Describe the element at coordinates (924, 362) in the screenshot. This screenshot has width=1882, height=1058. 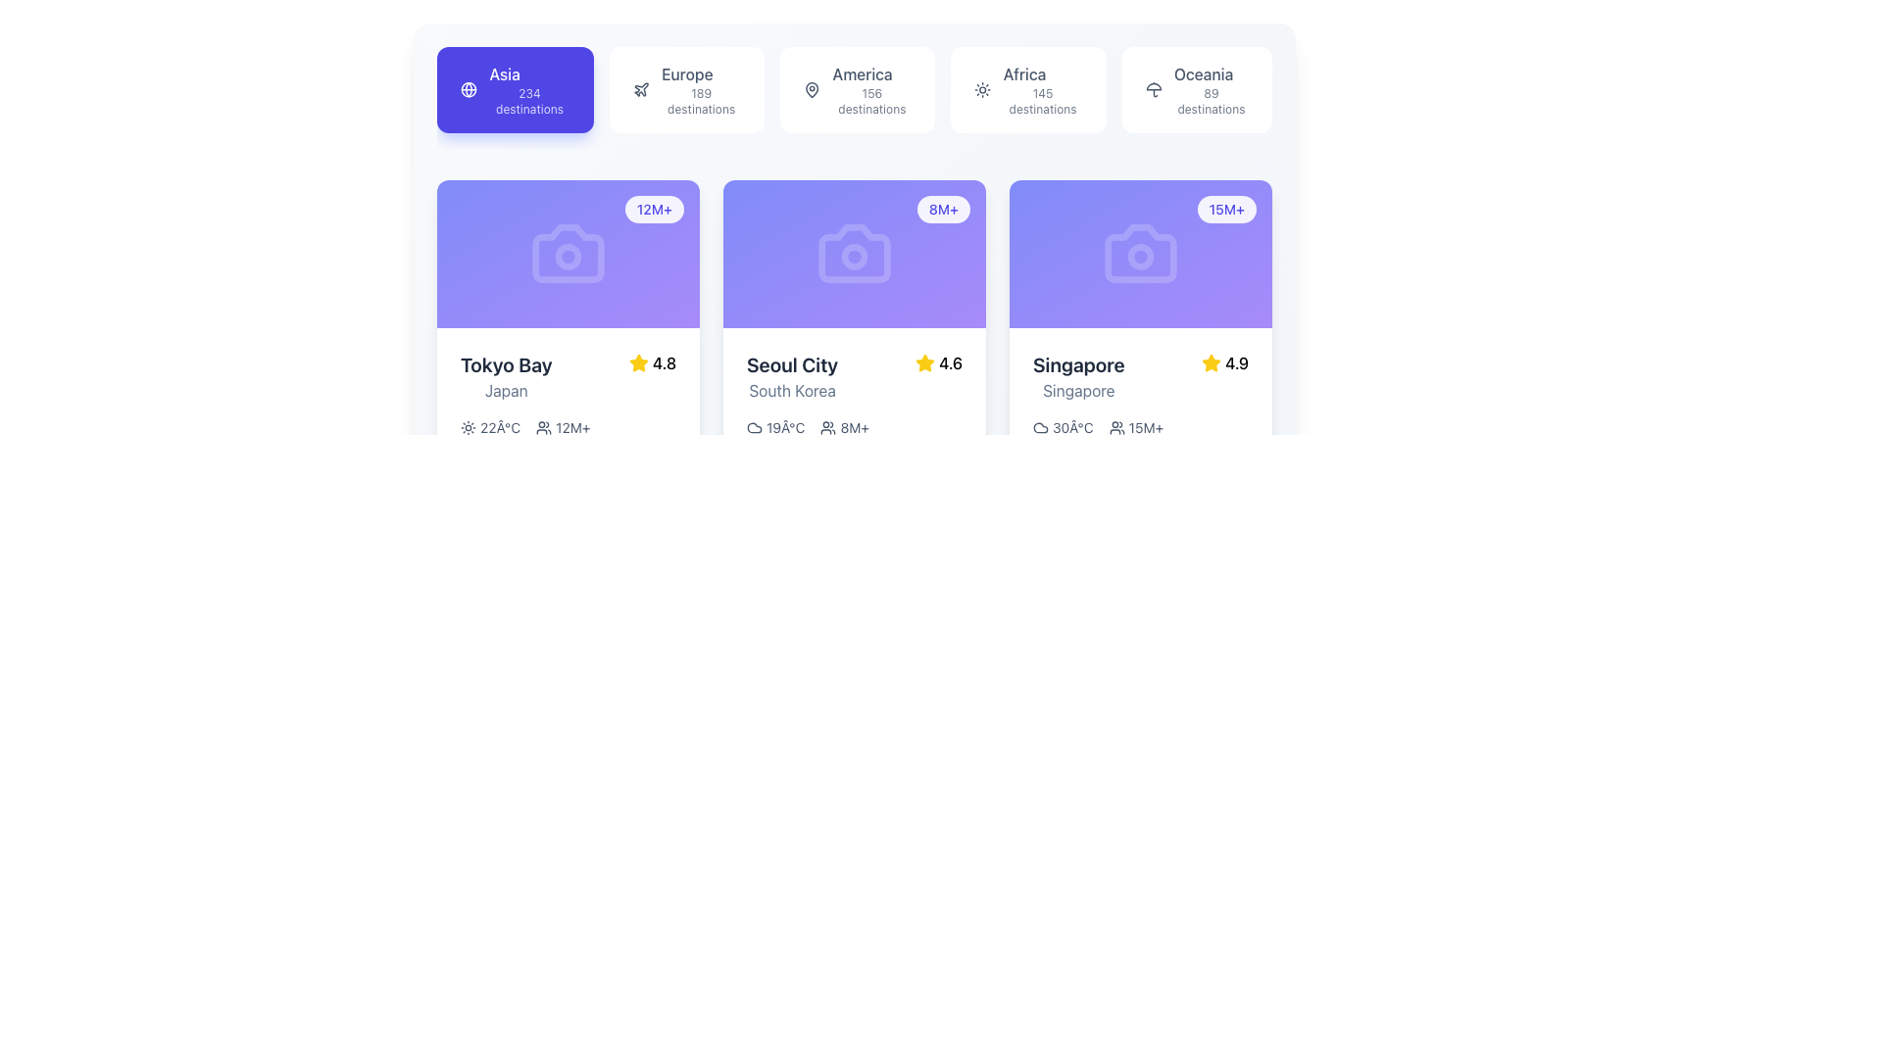
I see `the style of the star icon representing the rating in the 'Seoul City, South Korea' card, which is associated with a numeric rating of '4.6'` at that location.